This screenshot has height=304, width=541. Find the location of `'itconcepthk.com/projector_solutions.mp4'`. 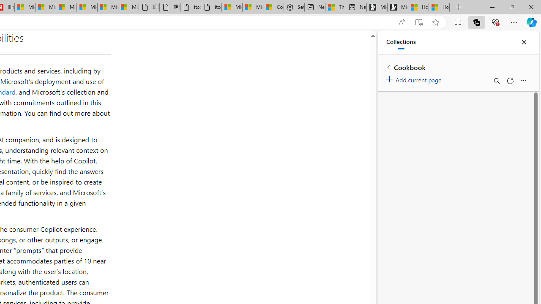

'itconcepthk.com/projector_solutions.mp4' is located at coordinates (211, 7).